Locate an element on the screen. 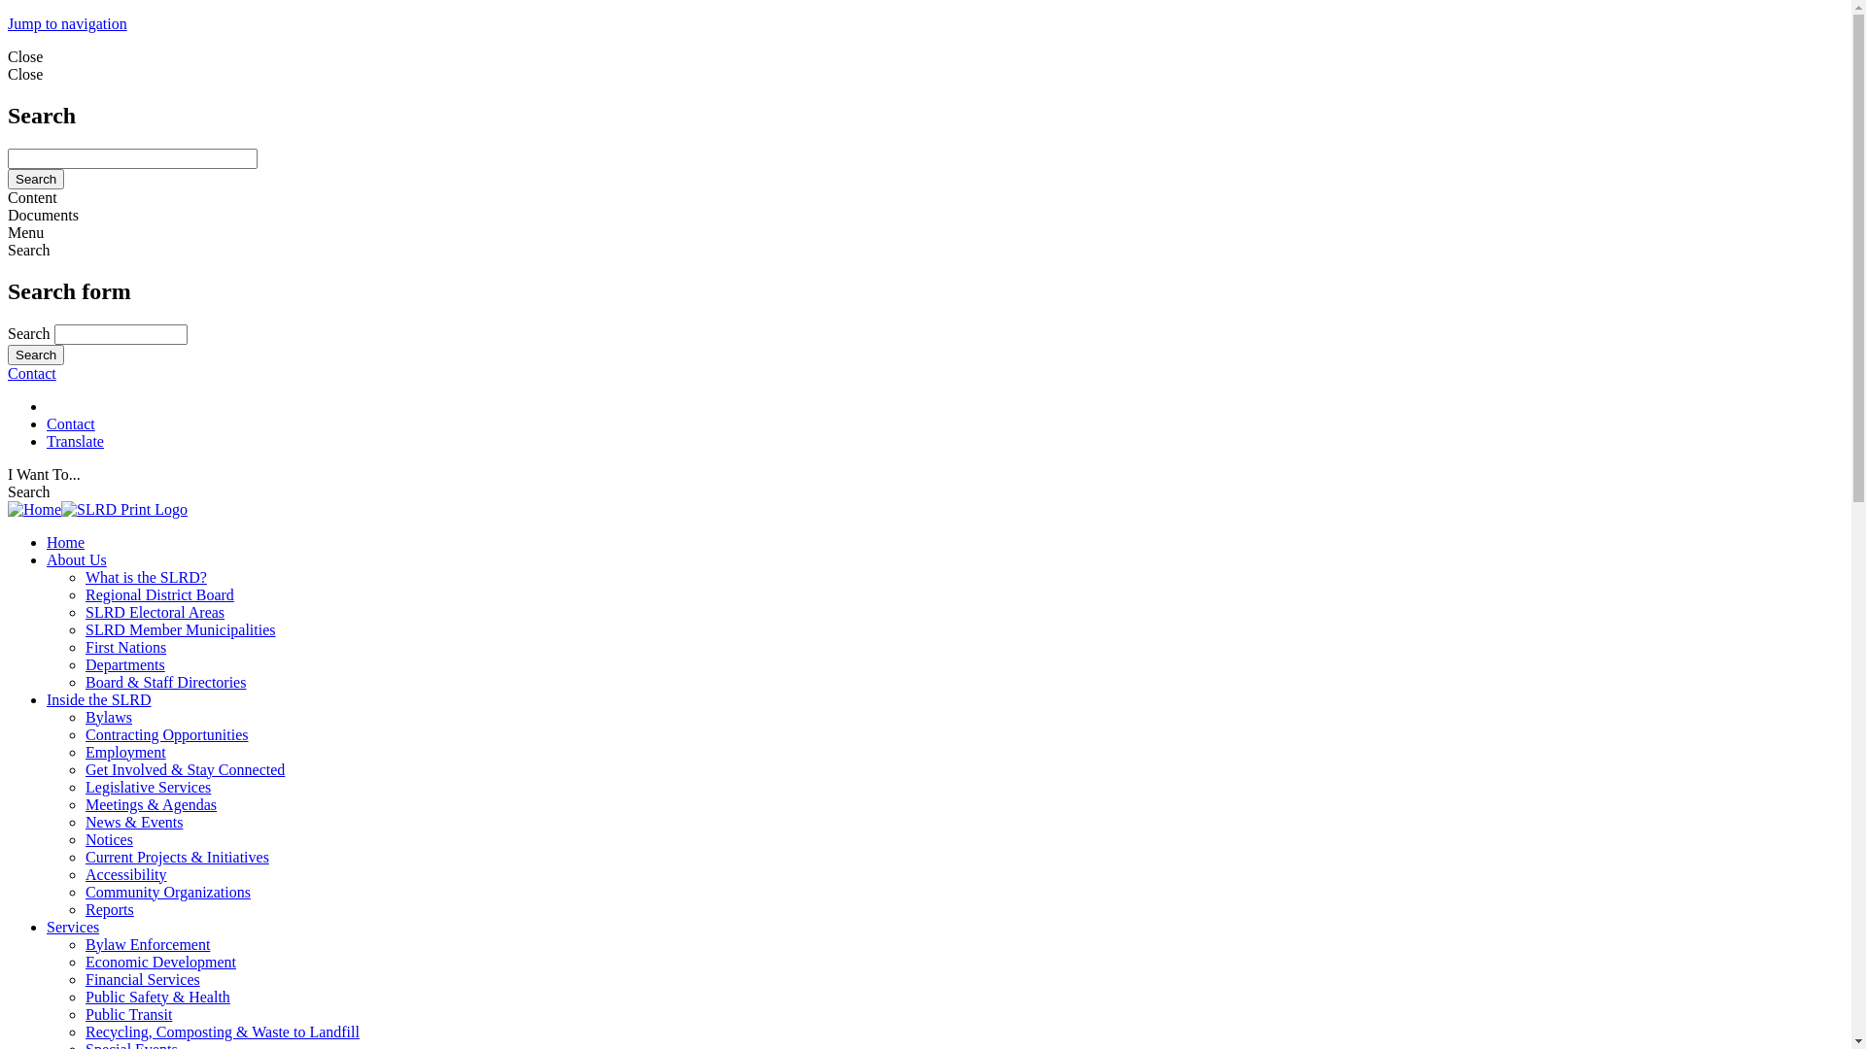  'Inside the SLRD' is located at coordinates (97, 699).